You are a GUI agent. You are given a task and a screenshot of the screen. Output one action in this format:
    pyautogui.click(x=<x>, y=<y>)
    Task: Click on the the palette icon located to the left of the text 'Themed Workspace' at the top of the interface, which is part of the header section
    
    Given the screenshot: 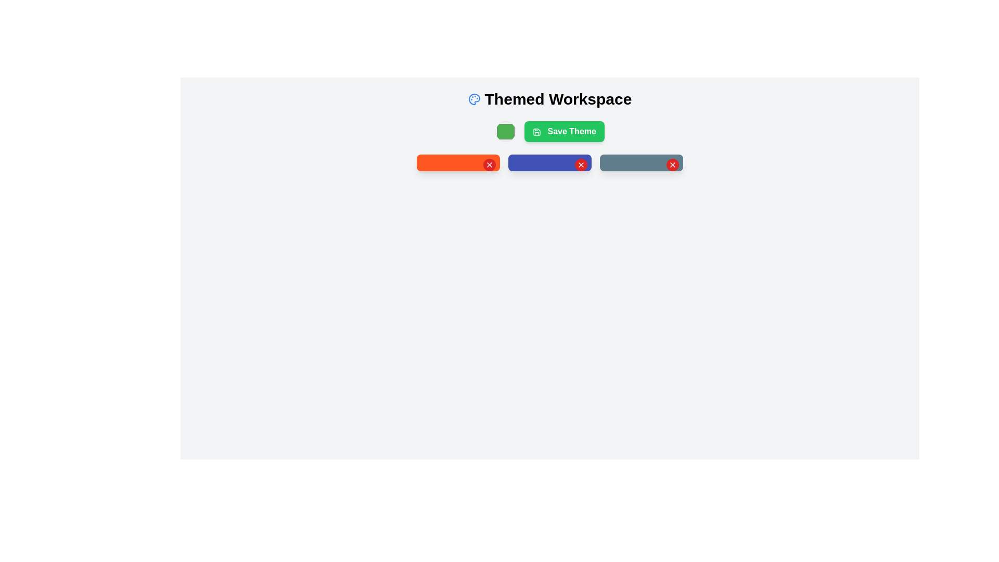 What is the action you would take?
    pyautogui.click(x=473, y=99)
    